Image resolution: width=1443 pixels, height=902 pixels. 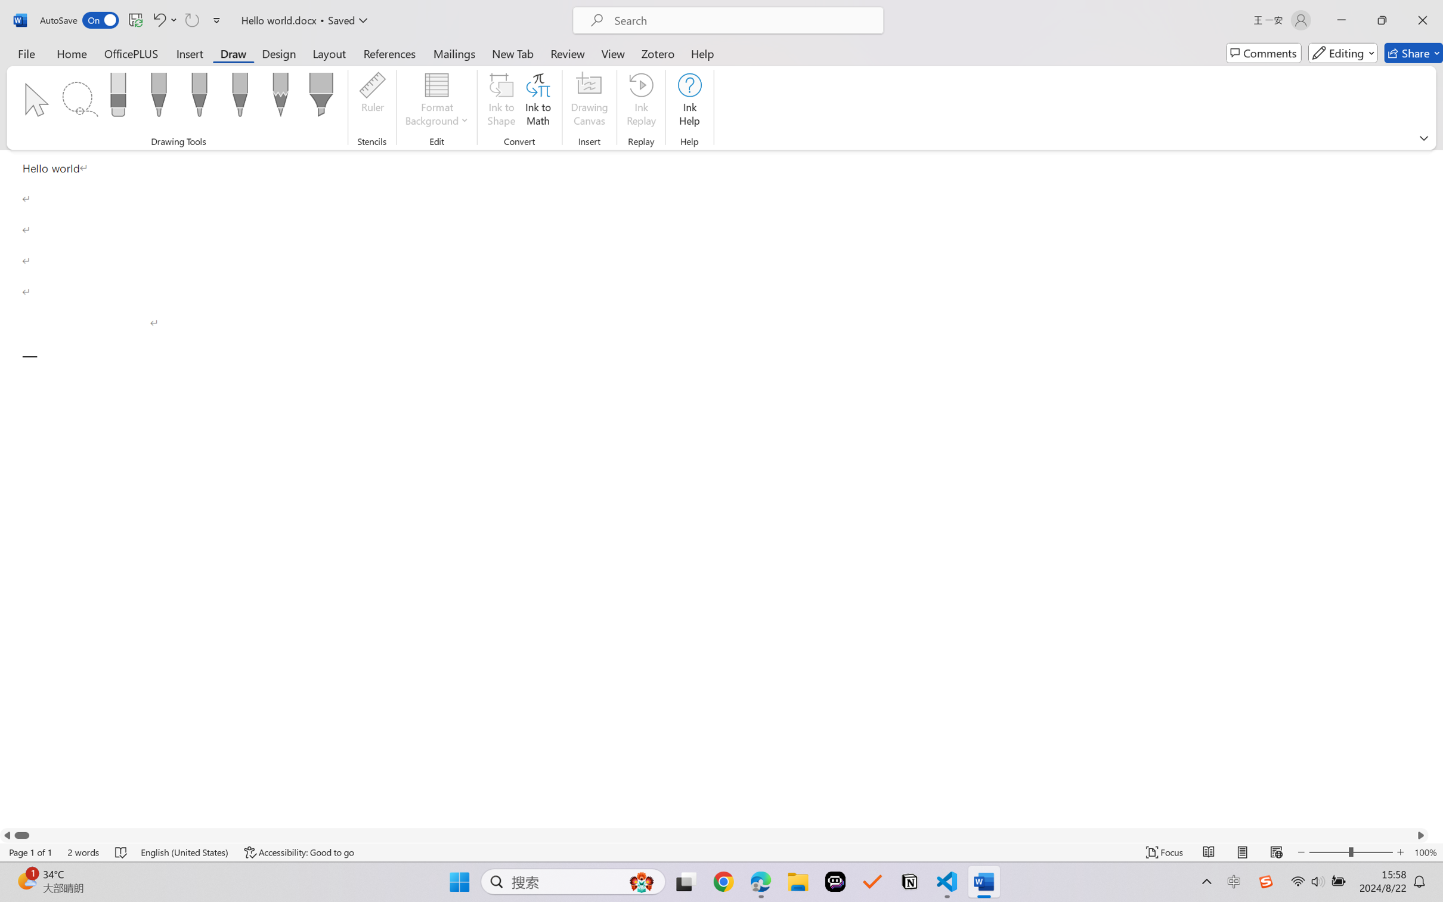 What do you see at coordinates (163, 20) in the screenshot?
I see `'Undo Paragraph Formatting'` at bounding box center [163, 20].